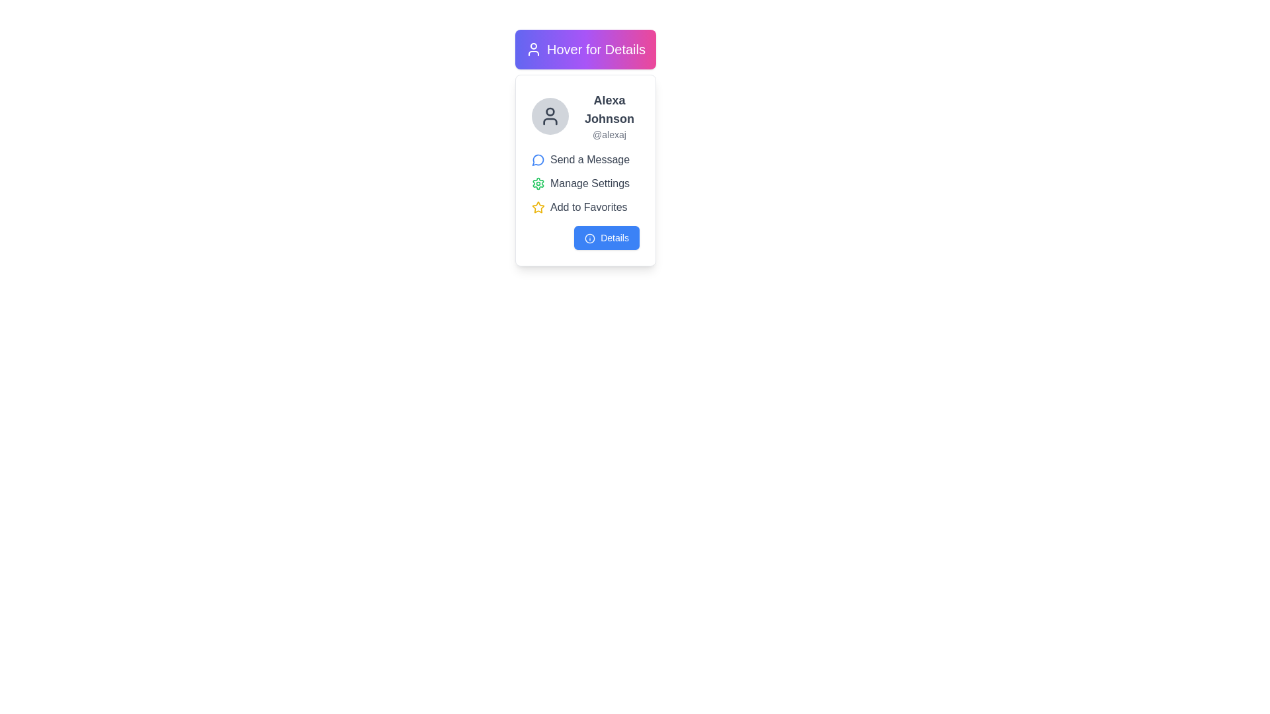 The width and height of the screenshot is (1270, 714). What do you see at coordinates (550, 116) in the screenshot?
I see `the circular icon representing the user profile of Alexa Johnson, which features a light gray background and a dark gray user silhouette` at bounding box center [550, 116].